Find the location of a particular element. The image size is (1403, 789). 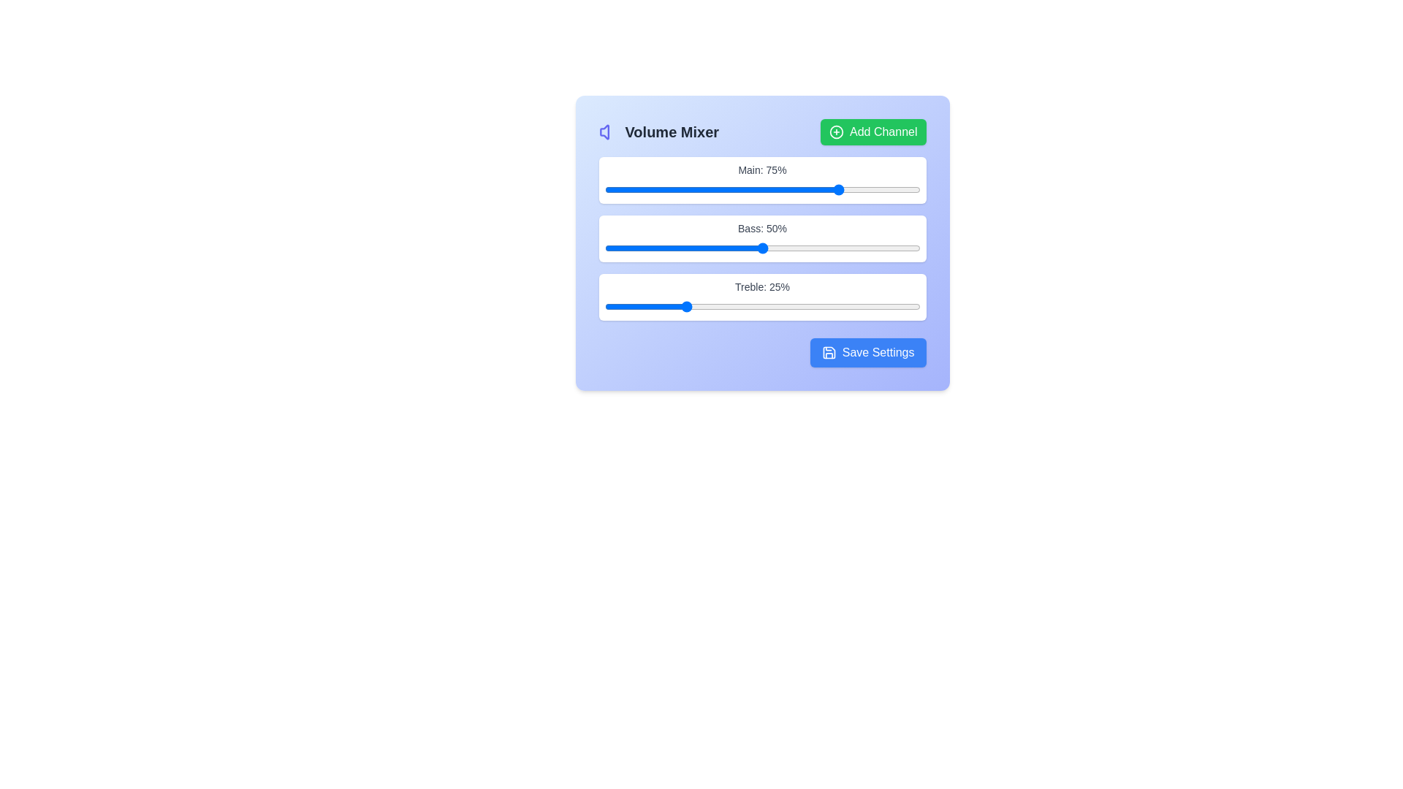

the volume control icon with a purple outline, adjacent to the 'Volume Mixer' text, located in the top-left section of the interface is located at coordinates (609, 132).